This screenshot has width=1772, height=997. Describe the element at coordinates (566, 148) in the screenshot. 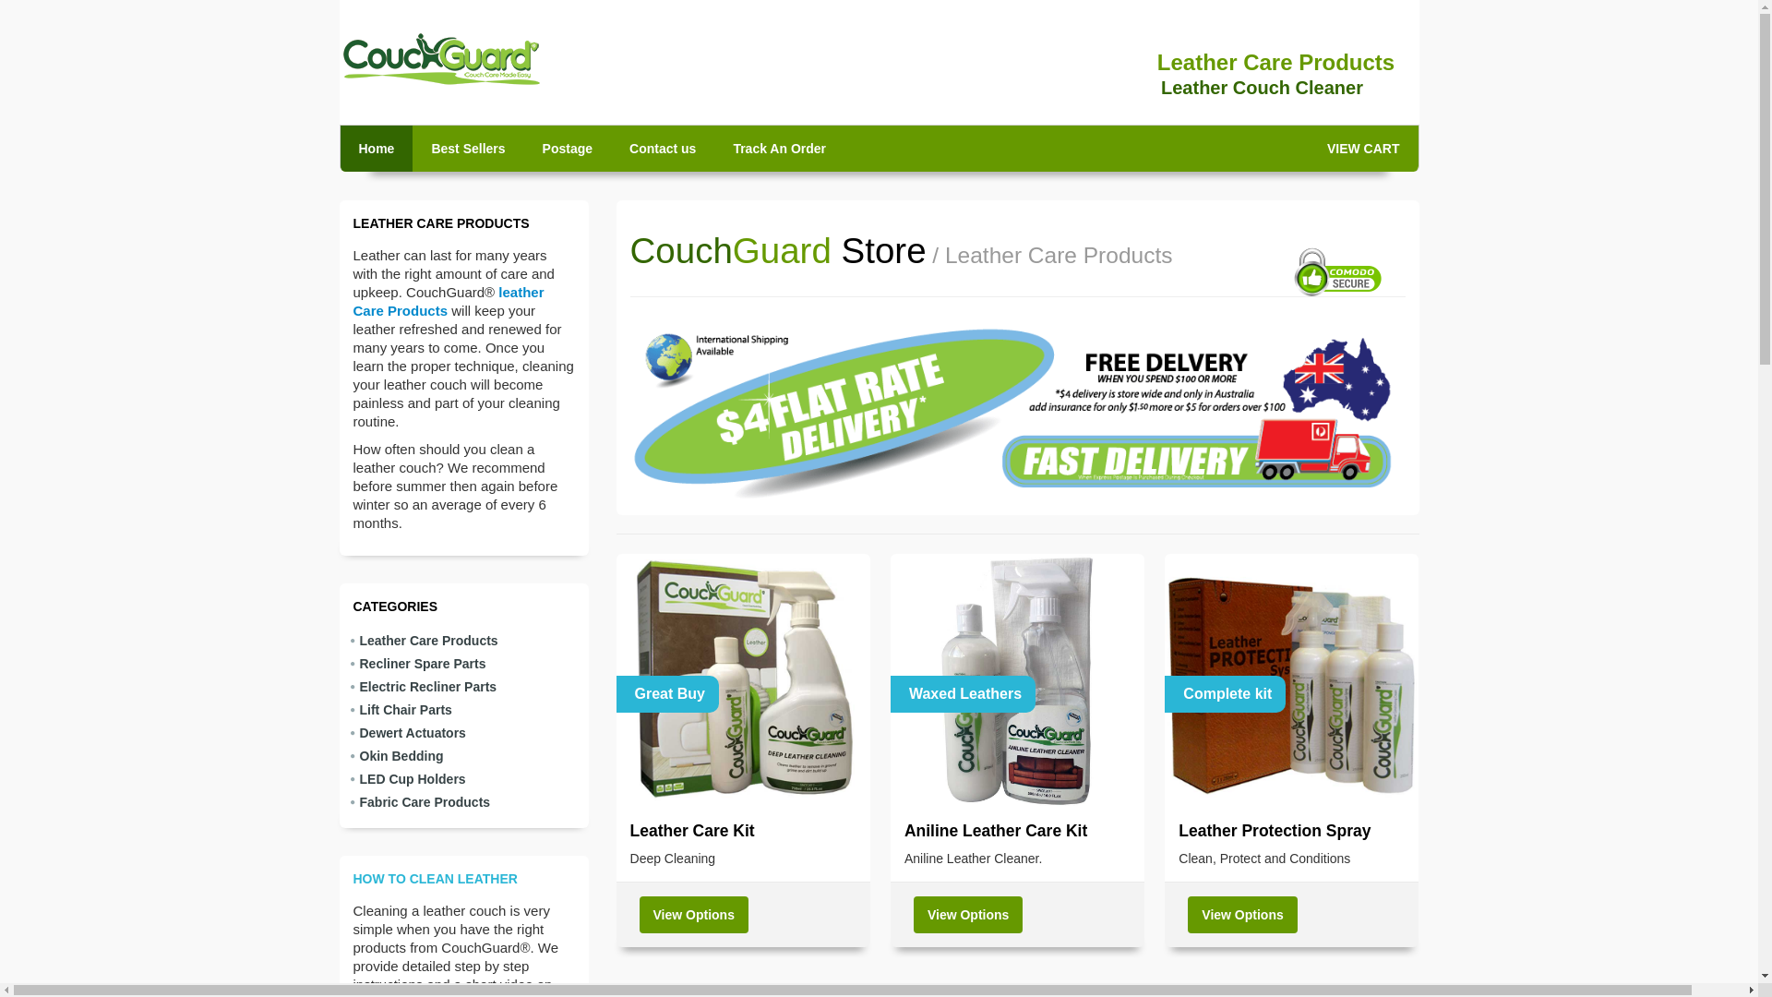

I see `'Postage'` at that location.